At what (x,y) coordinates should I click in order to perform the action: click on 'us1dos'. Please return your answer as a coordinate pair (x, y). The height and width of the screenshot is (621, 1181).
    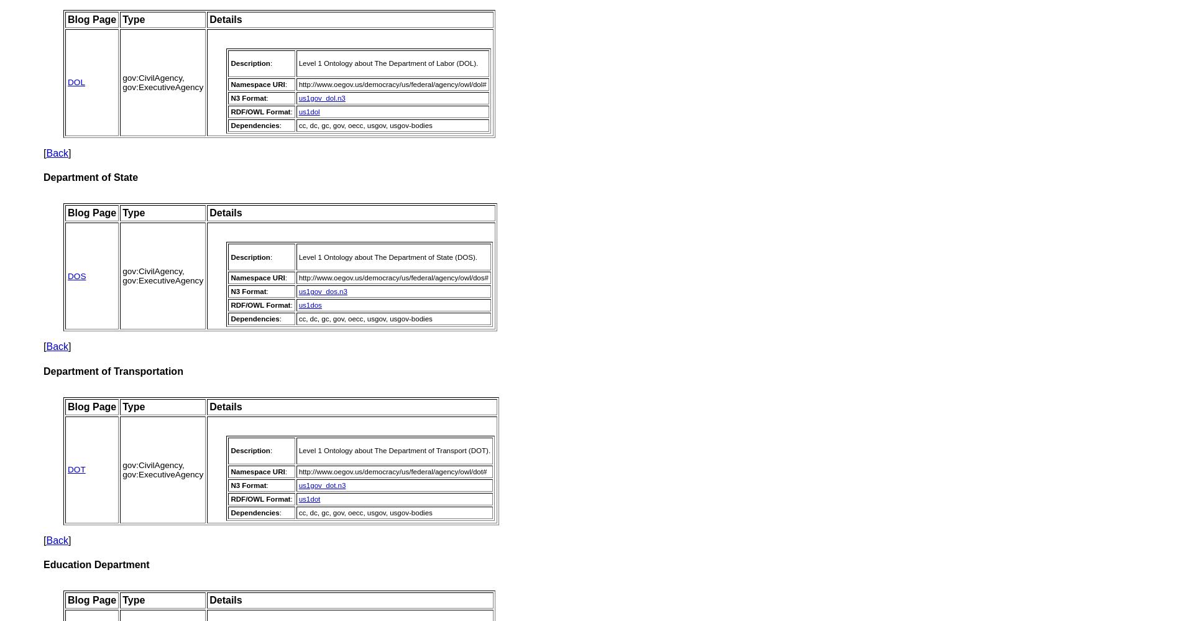
    Looking at the image, I should click on (310, 305).